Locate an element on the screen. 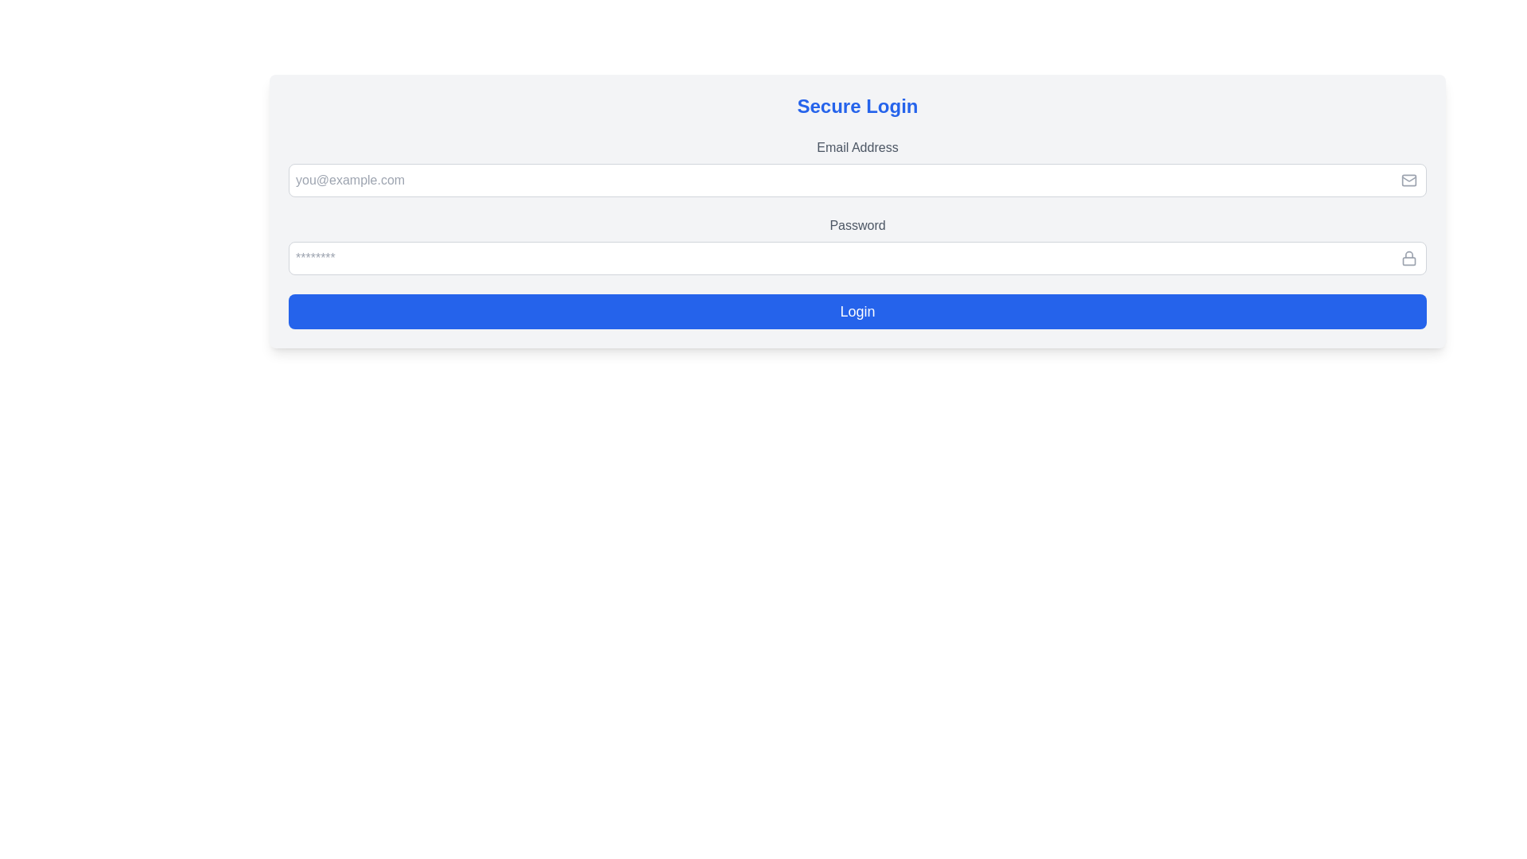 The height and width of the screenshot is (859, 1527). the gray lock-shaped SVG icon located to the far right of the password input field, which serves as a status indicator for the field is located at coordinates (1408, 257).